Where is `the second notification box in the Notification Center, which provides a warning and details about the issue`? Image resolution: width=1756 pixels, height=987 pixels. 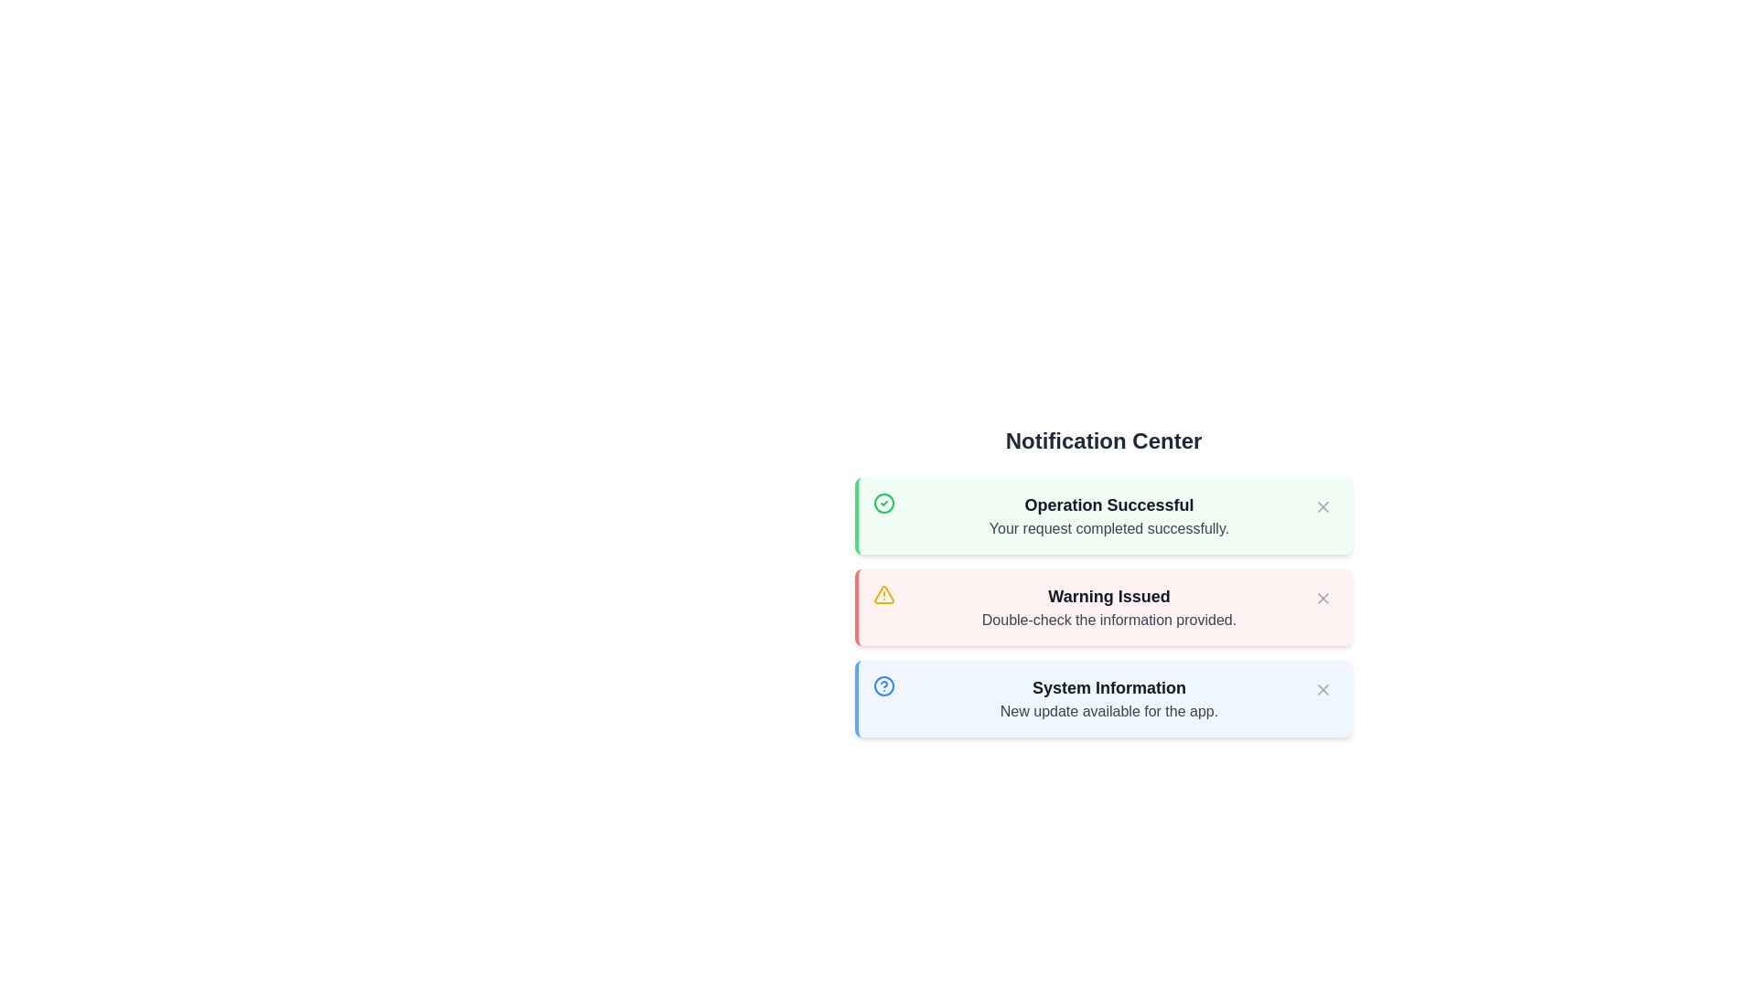 the second notification box in the Notification Center, which provides a warning and details about the issue is located at coordinates (1102, 607).